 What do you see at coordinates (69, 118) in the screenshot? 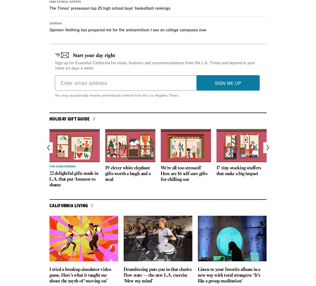
I see `'Holiday gift guide'` at bounding box center [69, 118].